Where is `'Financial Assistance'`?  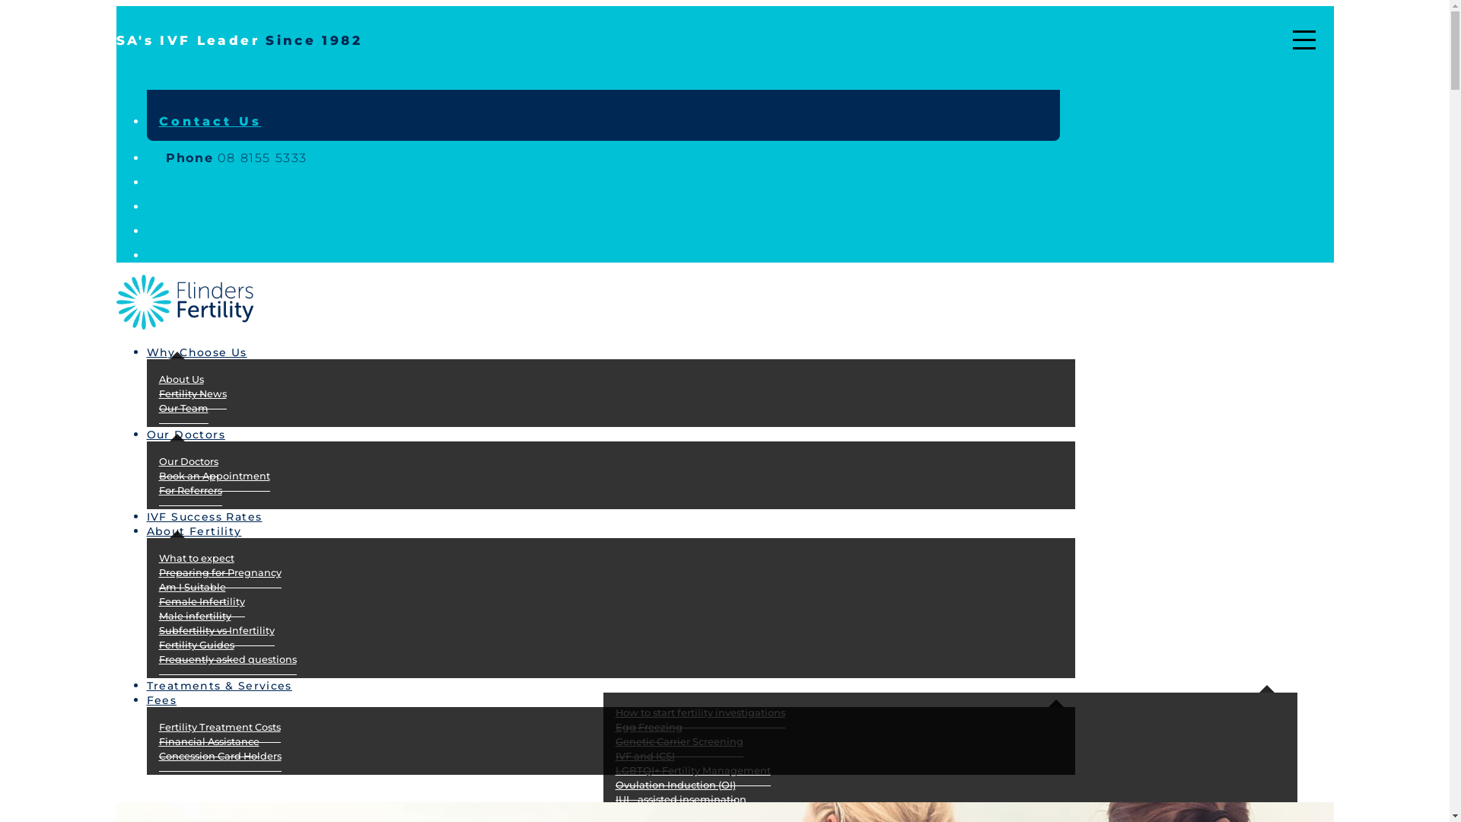 'Financial Assistance' is located at coordinates (158, 741).